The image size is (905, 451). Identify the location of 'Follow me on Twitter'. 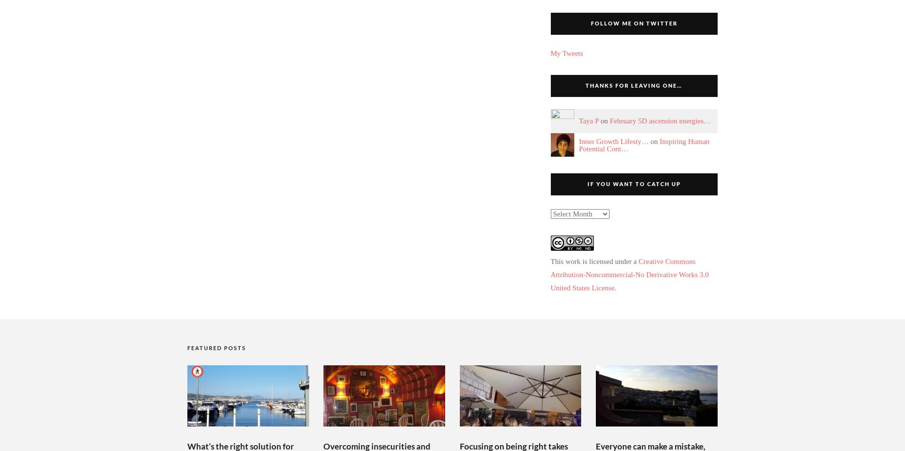
(589, 23).